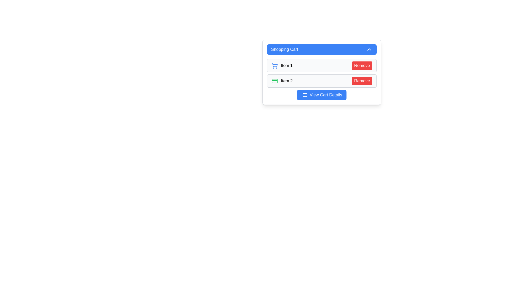 This screenshot has height=286, width=509. What do you see at coordinates (362, 65) in the screenshot?
I see `the red 'Remove' button with rounded rectangle shape to observe the color change` at bounding box center [362, 65].